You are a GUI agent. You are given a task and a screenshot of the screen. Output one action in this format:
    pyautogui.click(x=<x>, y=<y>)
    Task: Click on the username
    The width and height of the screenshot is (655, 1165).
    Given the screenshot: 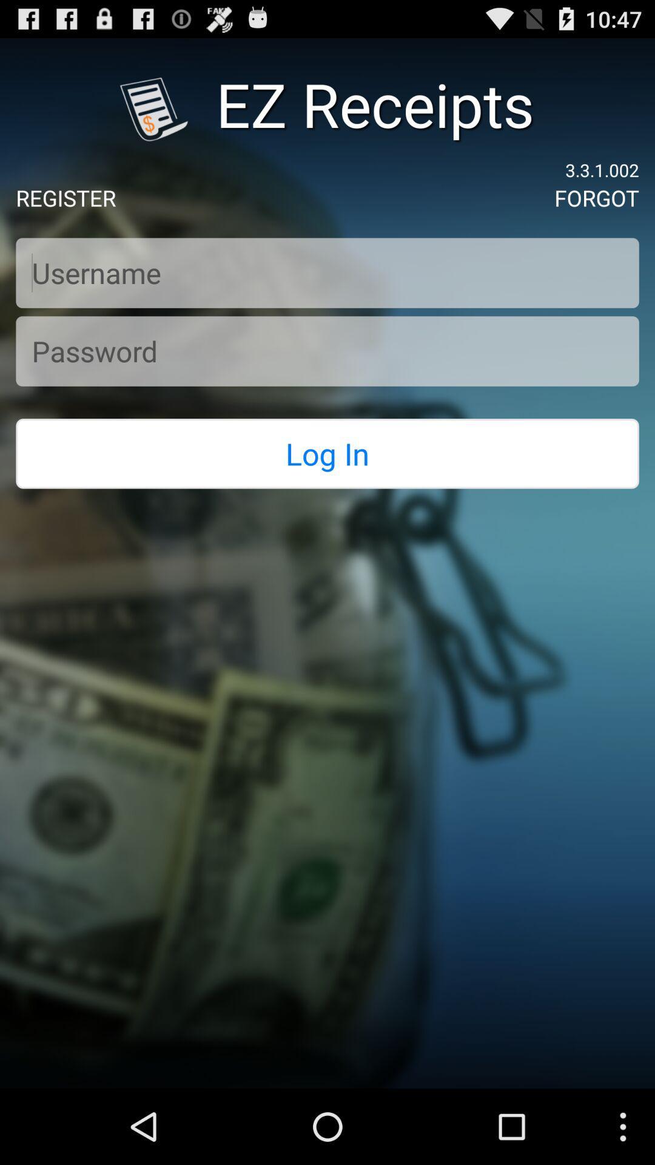 What is the action you would take?
    pyautogui.click(x=327, y=272)
    